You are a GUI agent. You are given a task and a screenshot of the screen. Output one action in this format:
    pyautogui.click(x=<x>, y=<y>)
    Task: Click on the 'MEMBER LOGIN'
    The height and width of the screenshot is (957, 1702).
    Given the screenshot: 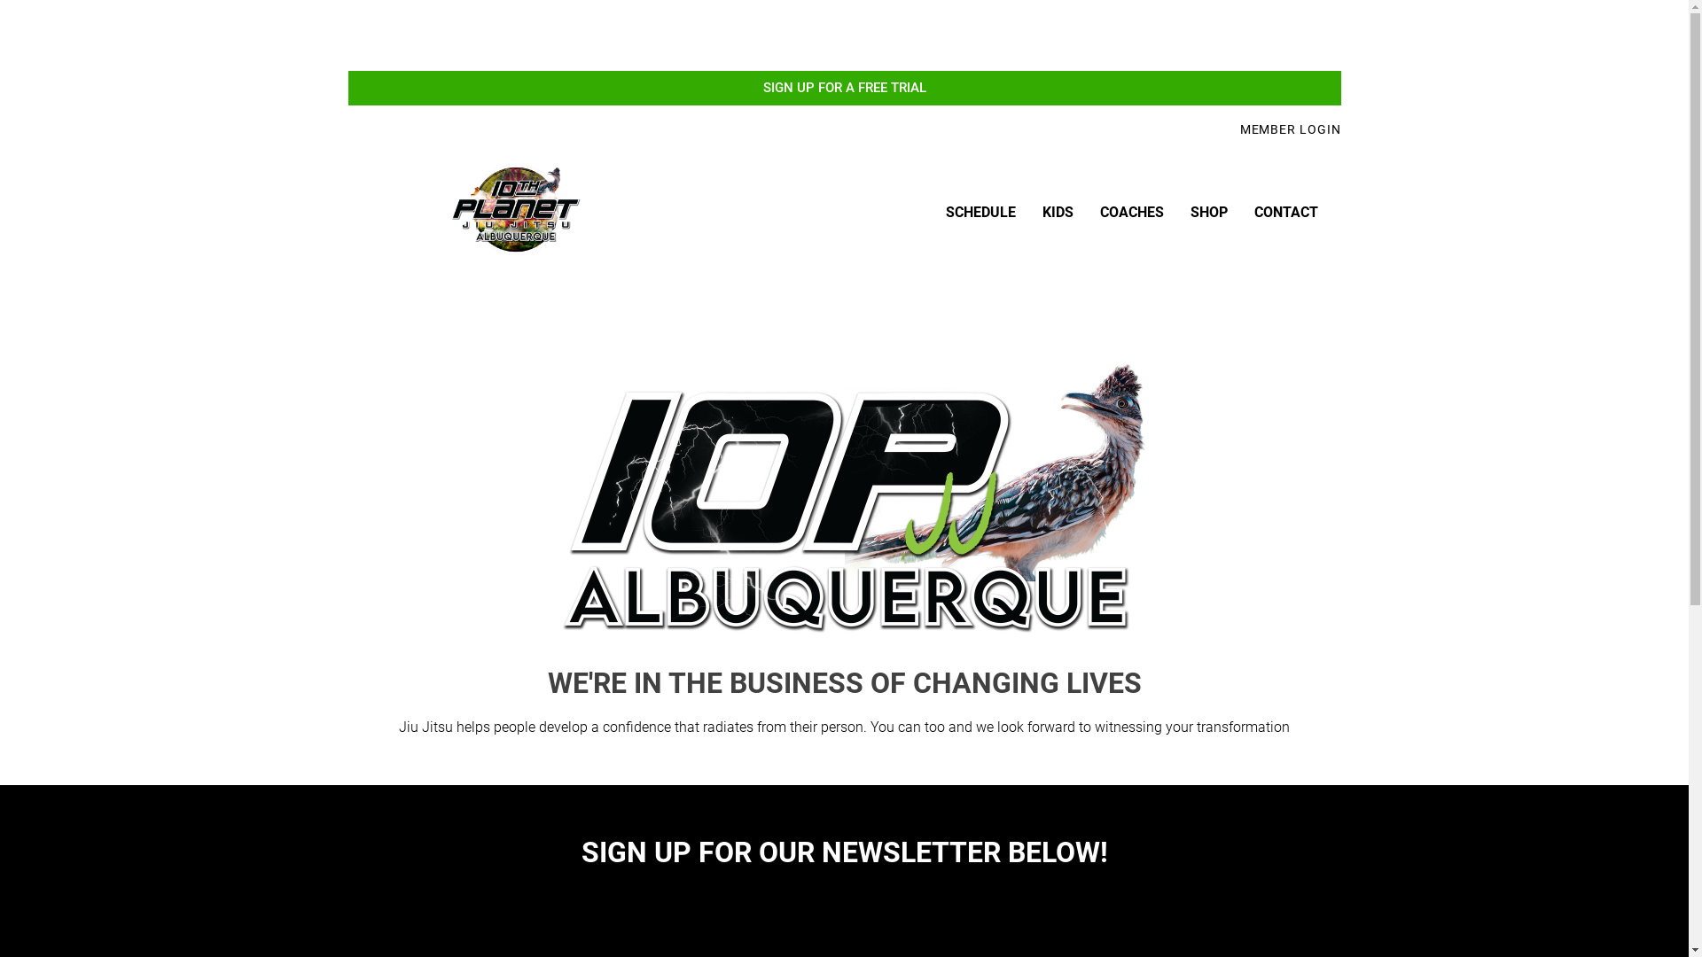 What is the action you would take?
    pyautogui.click(x=1238, y=128)
    